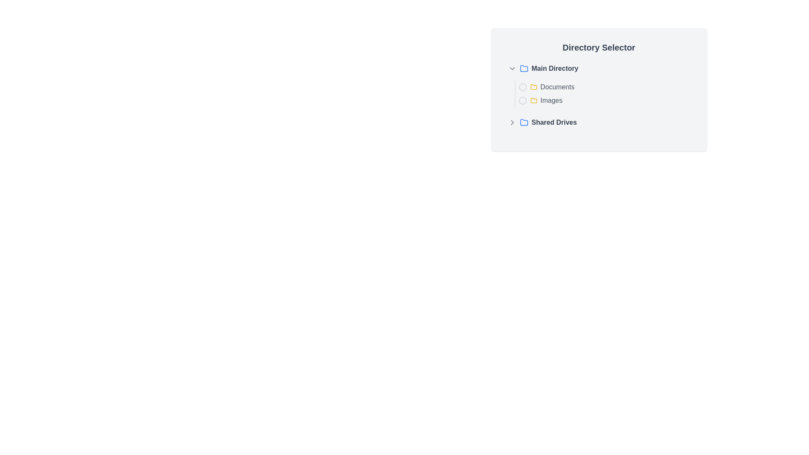  What do you see at coordinates (554, 122) in the screenshot?
I see `the text label reading 'Shared Drives'` at bounding box center [554, 122].